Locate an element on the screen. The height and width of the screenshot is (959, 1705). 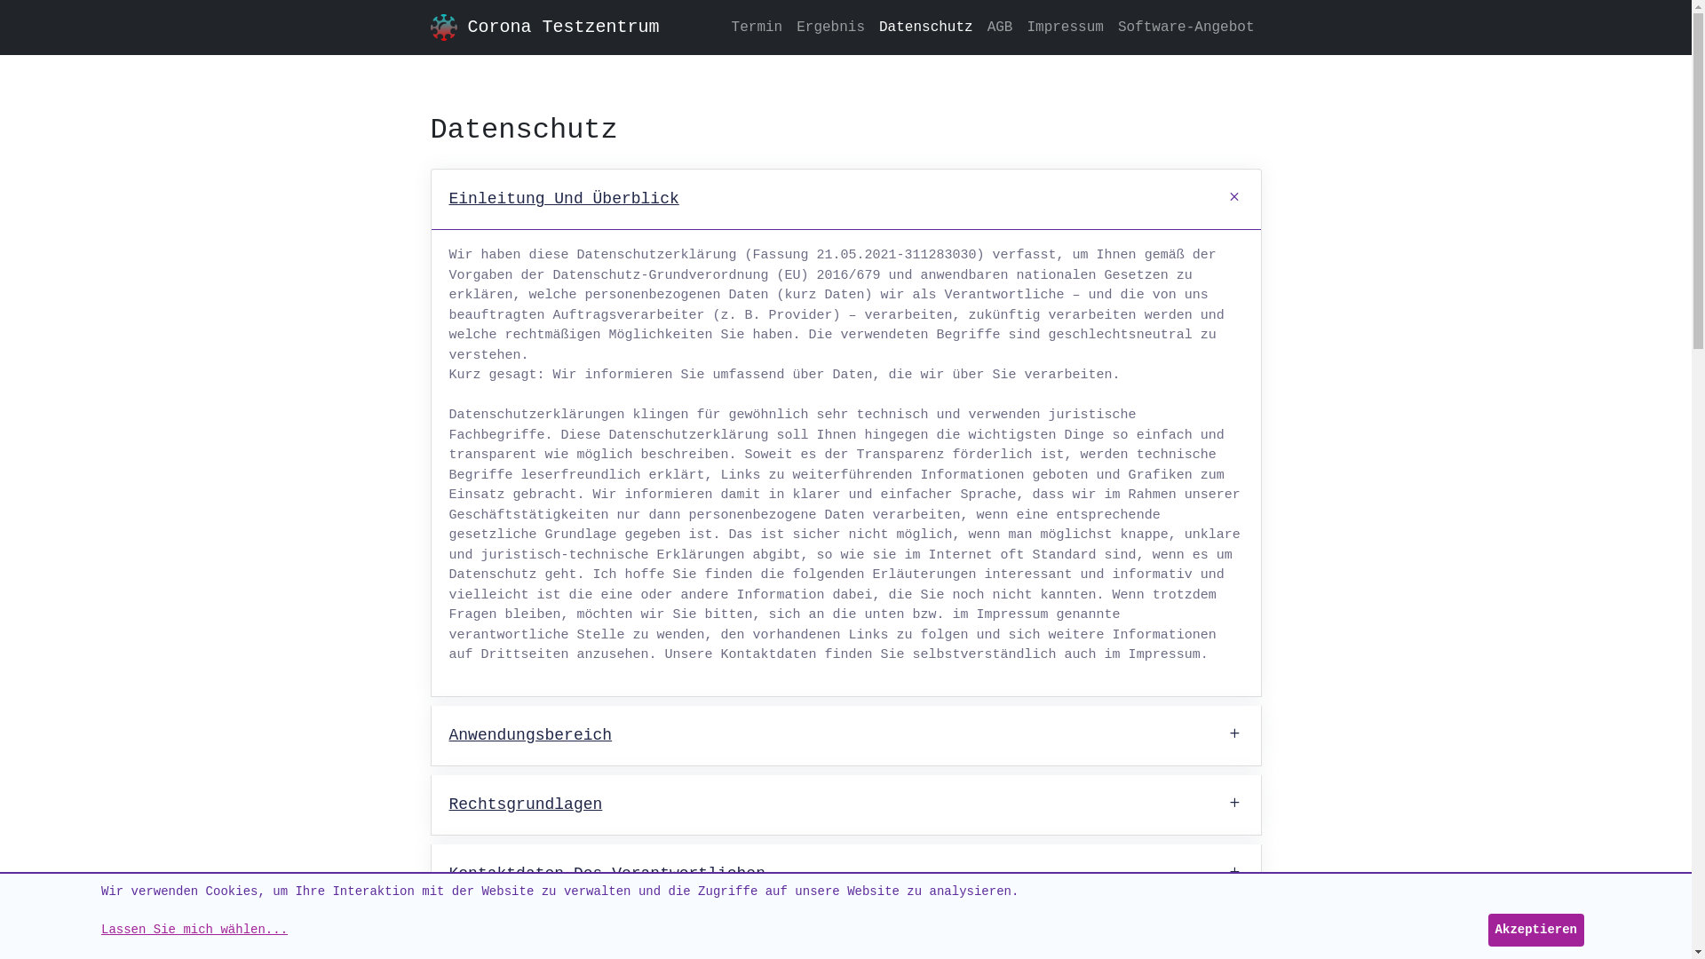
'Anwendungsbereich' is located at coordinates (845, 735).